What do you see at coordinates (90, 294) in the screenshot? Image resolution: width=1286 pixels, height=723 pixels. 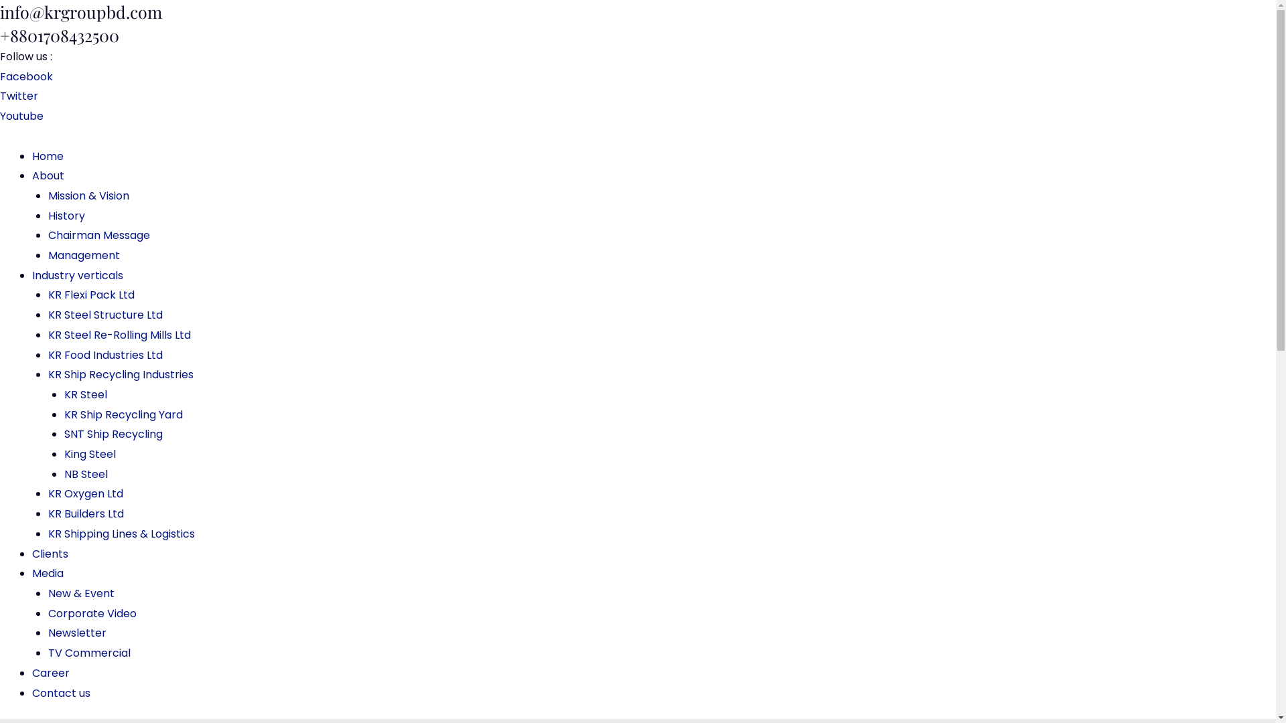 I see `'KR Flexi Pack Ltd'` at bounding box center [90, 294].